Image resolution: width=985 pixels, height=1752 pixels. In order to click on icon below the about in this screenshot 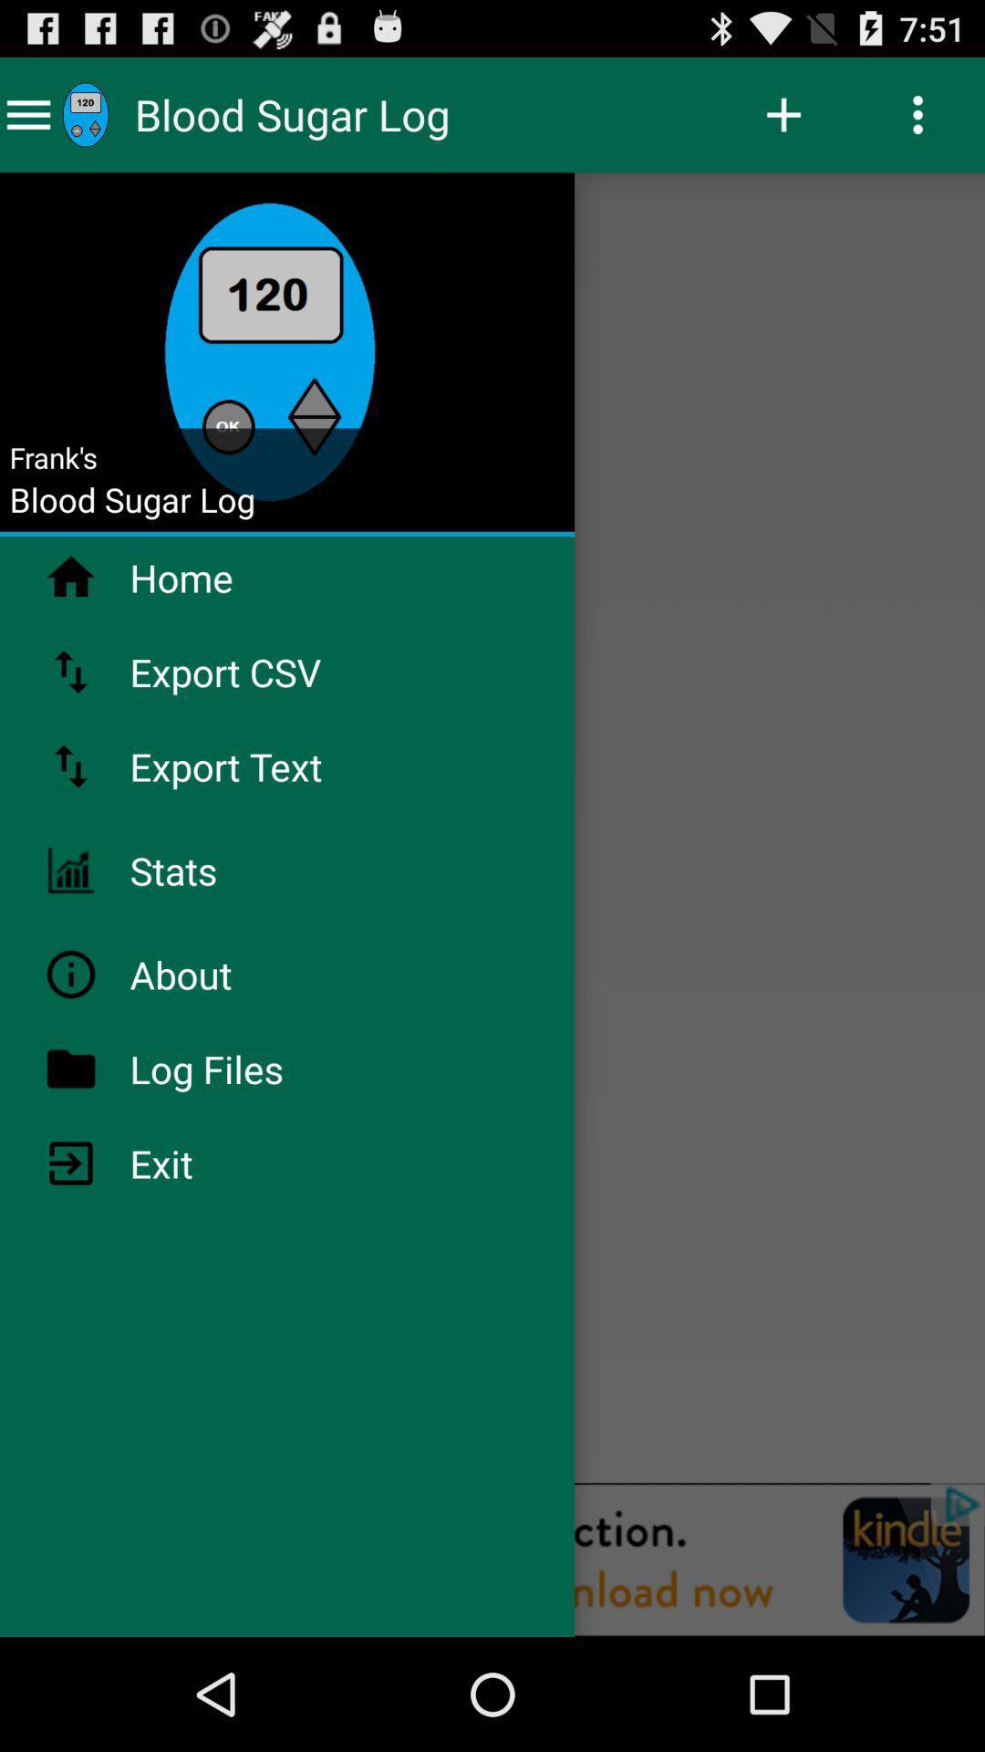, I will do `click(254, 1069)`.